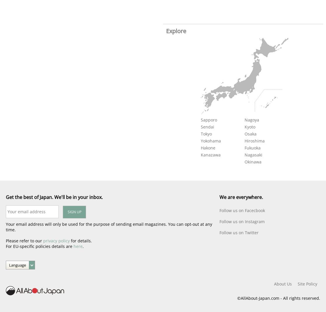 This screenshot has height=312, width=326. Describe the element at coordinates (239, 232) in the screenshot. I see `'Follow us on Twitter'` at that location.